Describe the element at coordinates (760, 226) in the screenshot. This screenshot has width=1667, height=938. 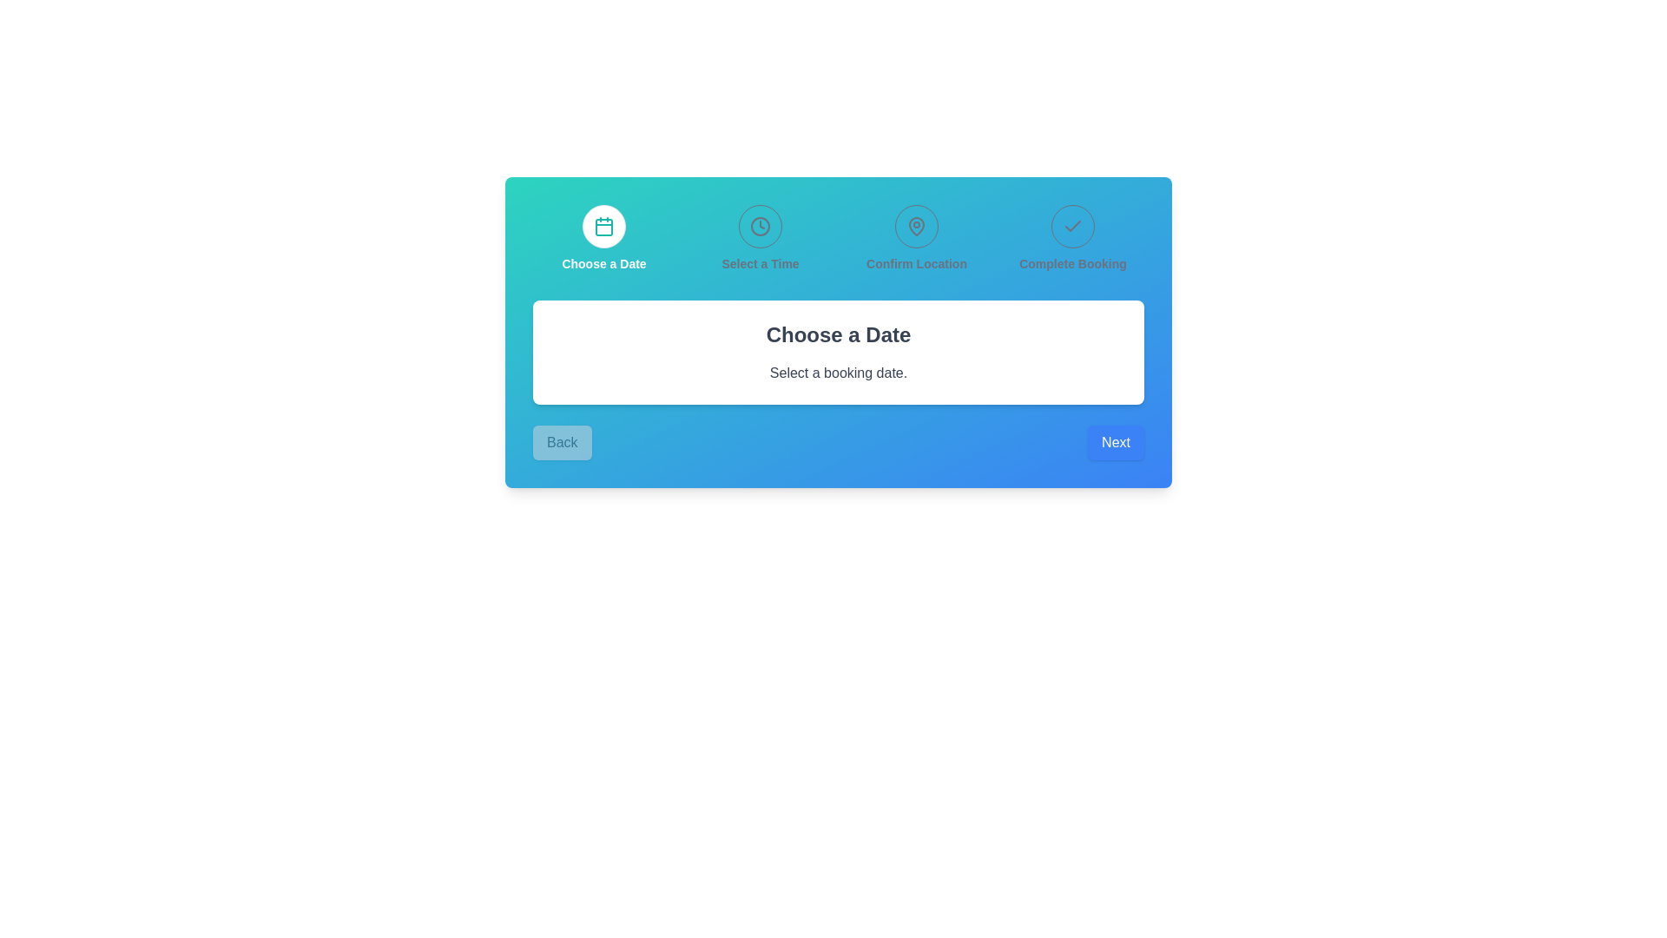
I see `the clock icon, which is the second in a sequence of four icons located under the 'Select a Time' label` at that location.